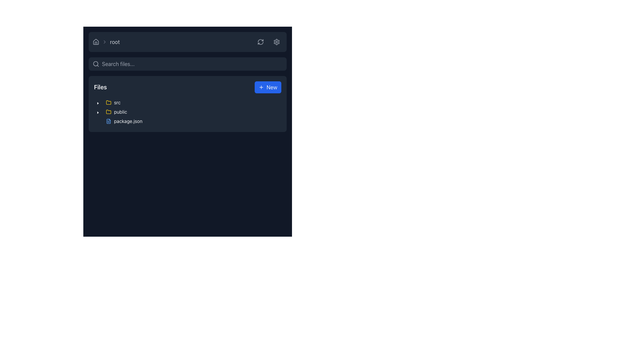  I want to click on the toggle button icon indicating a collapsed state located to the left of the 'src' folder label in the hierarchical file tree structure, so click(97, 103).